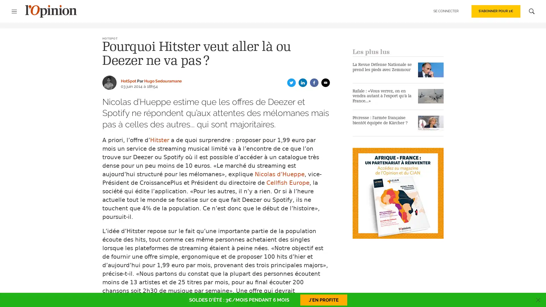 Image resolution: width=546 pixels, height=307 pixels. I want to click on Afficher la recherche, so click(529, 11).